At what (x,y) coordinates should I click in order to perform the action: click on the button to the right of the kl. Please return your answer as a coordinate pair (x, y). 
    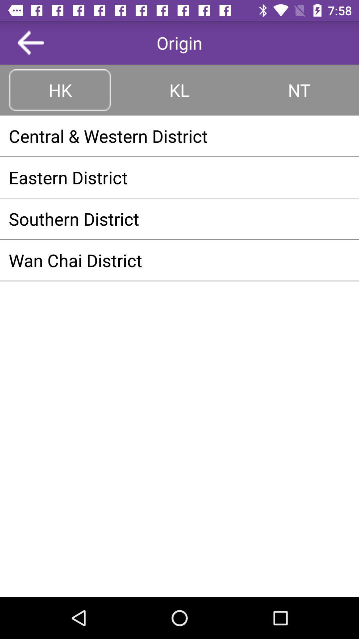
    Looking at the image, I should click on (299, 90).